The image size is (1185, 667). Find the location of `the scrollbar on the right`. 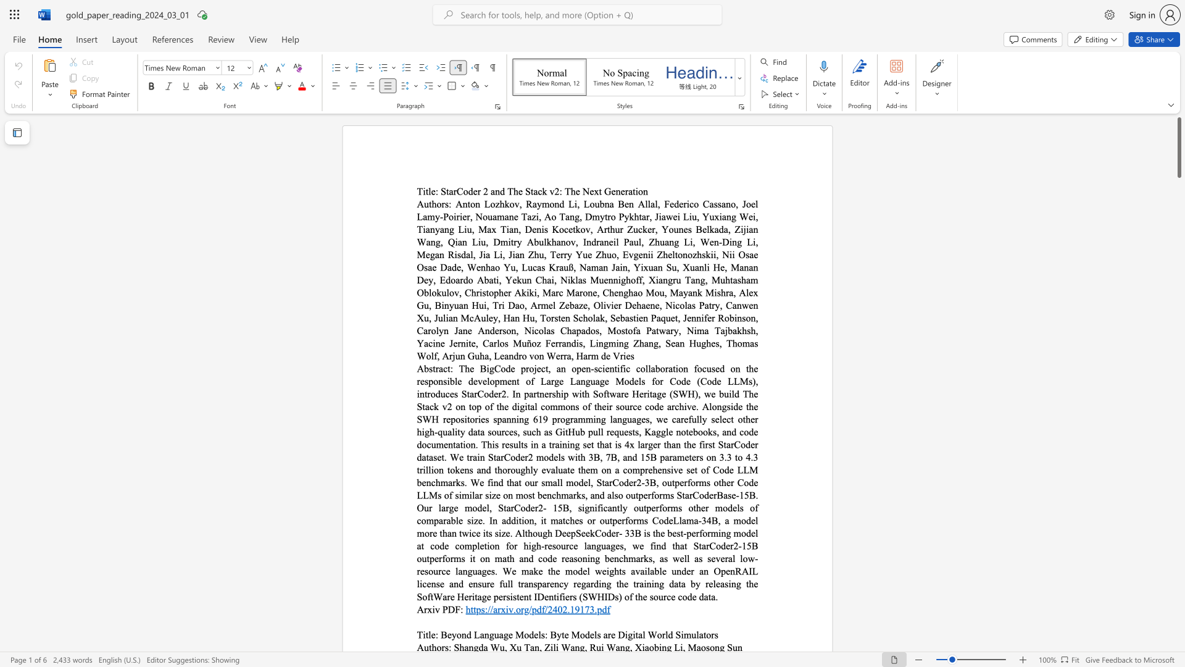

the scrollbar on the right is located at coordinates (1178, 203).